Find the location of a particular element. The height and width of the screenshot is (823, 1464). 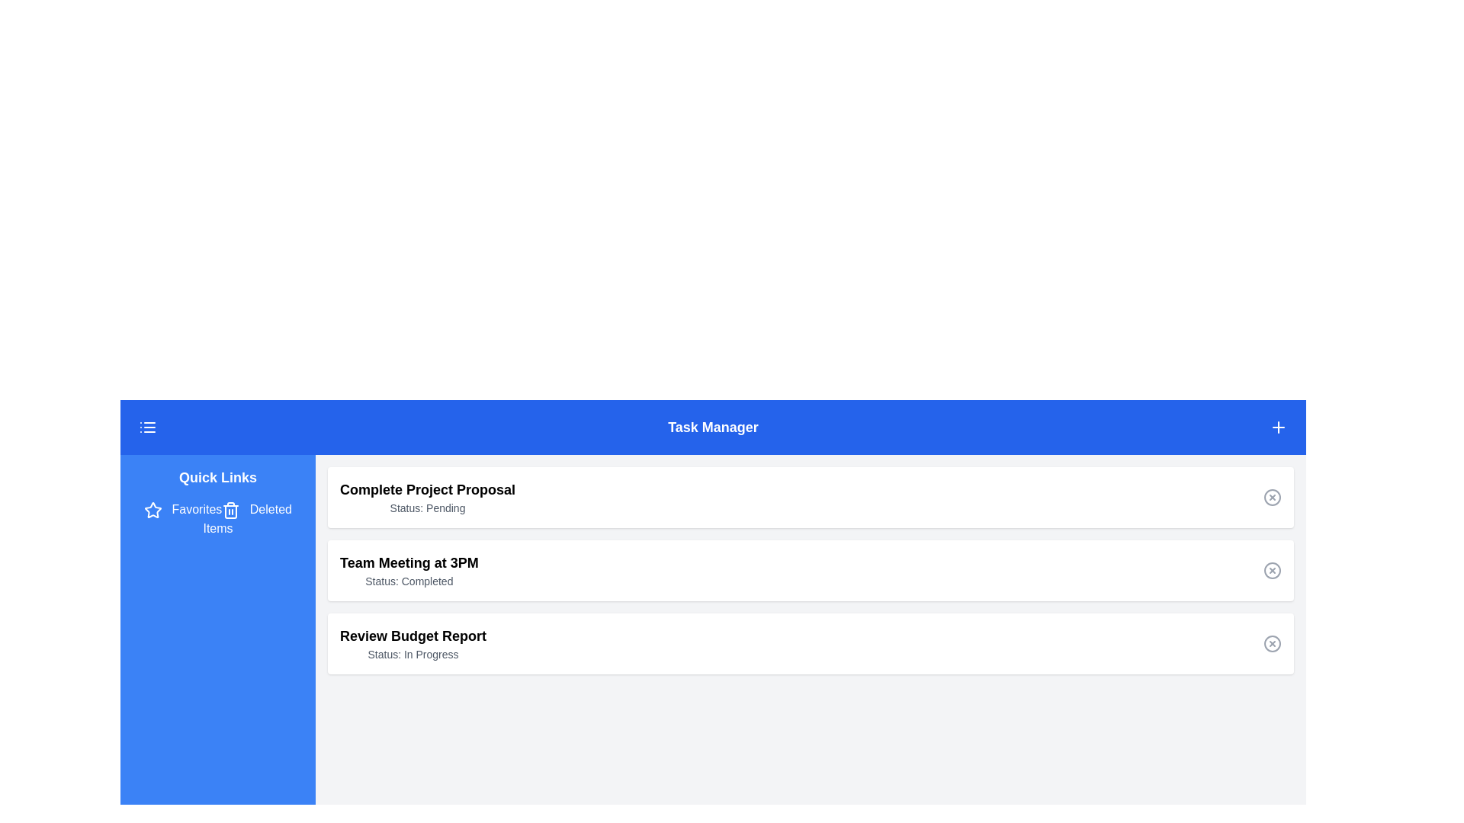

the 'Deleted Items' hyperlink located in the left navigation panel below the 'Favorites' link is located at coordinates (247, 517).